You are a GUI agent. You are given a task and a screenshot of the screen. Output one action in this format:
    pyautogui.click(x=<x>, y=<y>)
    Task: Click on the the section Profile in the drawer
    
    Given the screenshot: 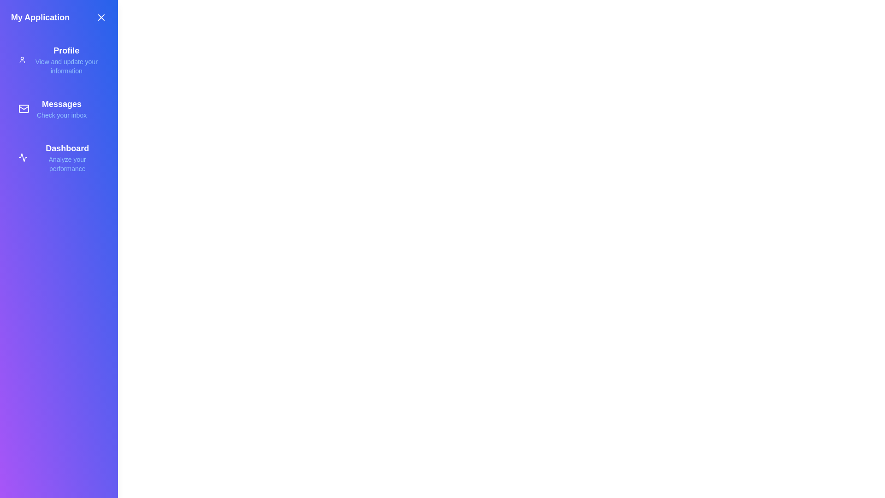 What is the action you would take?
    pyautogui.click(x=59, y=60)
    